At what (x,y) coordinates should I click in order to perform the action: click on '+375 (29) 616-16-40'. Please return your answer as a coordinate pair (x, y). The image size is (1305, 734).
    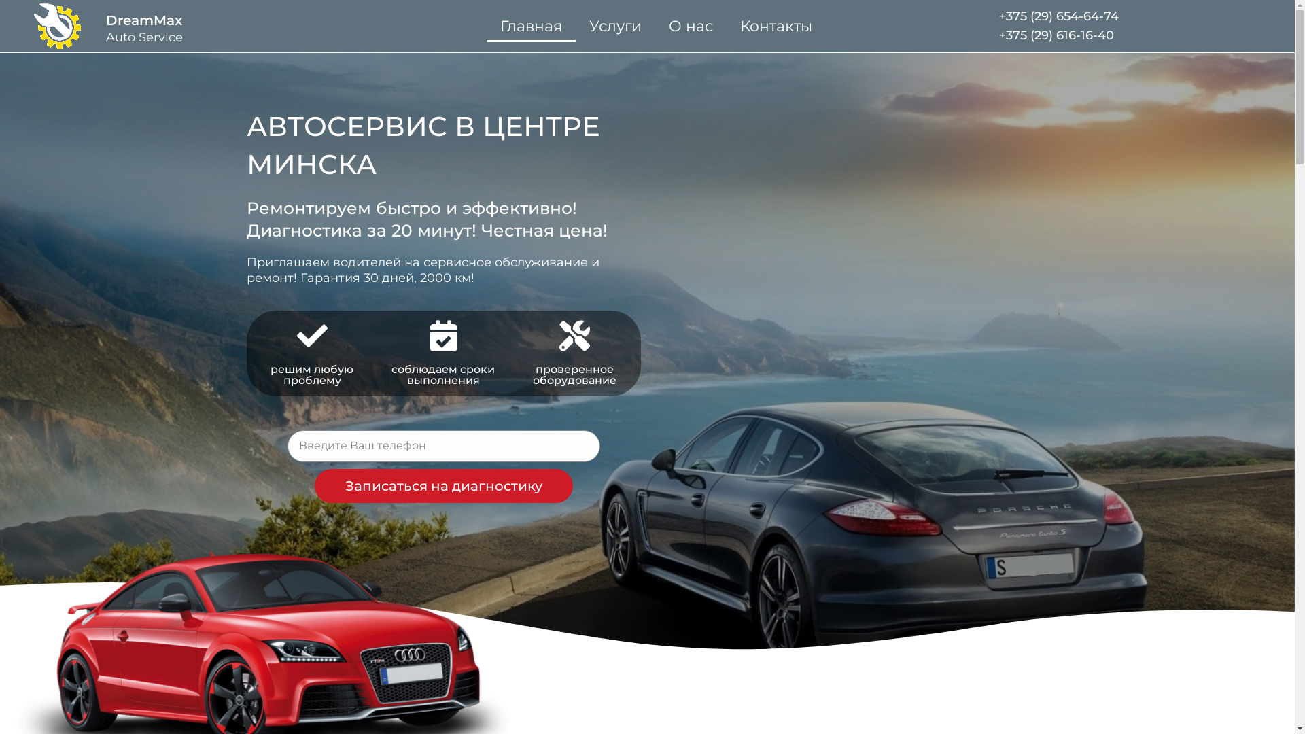
    Looking at the image, I should click on (1056, 34).